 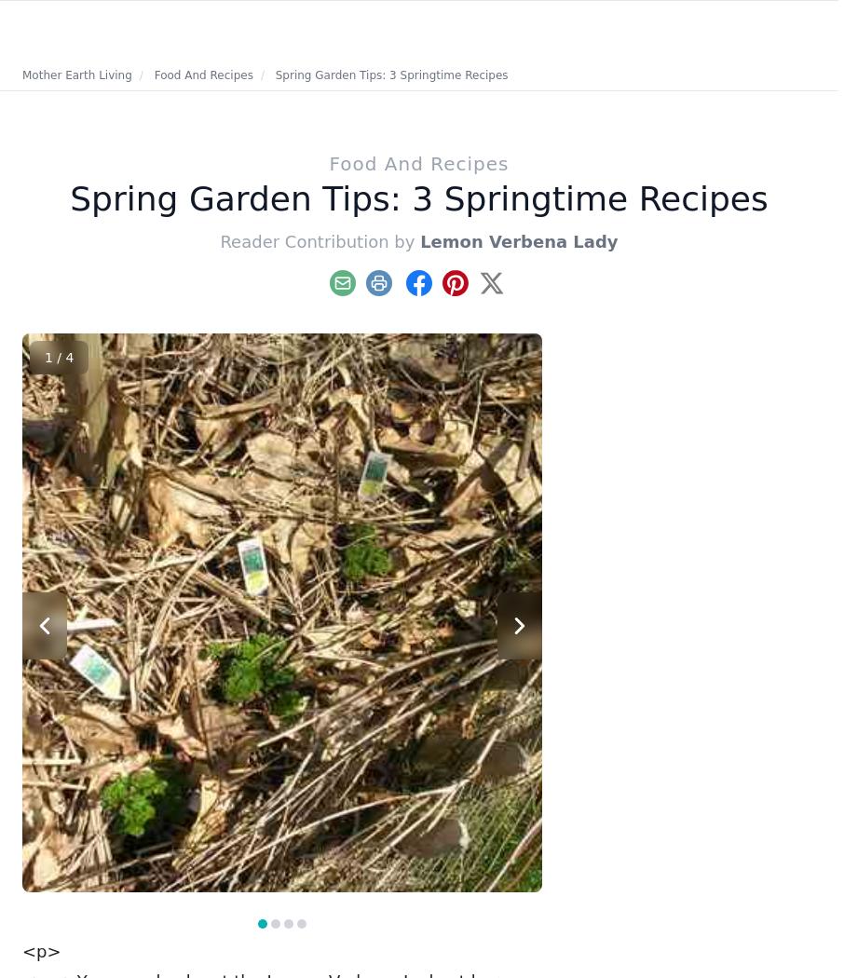 What do you see at coordinates (735, 754) in the screenshot?
I see `'Including fresh ginger, garlic and onions in your daily diet can ease various maladies.'` at bounding box center [735, 754].